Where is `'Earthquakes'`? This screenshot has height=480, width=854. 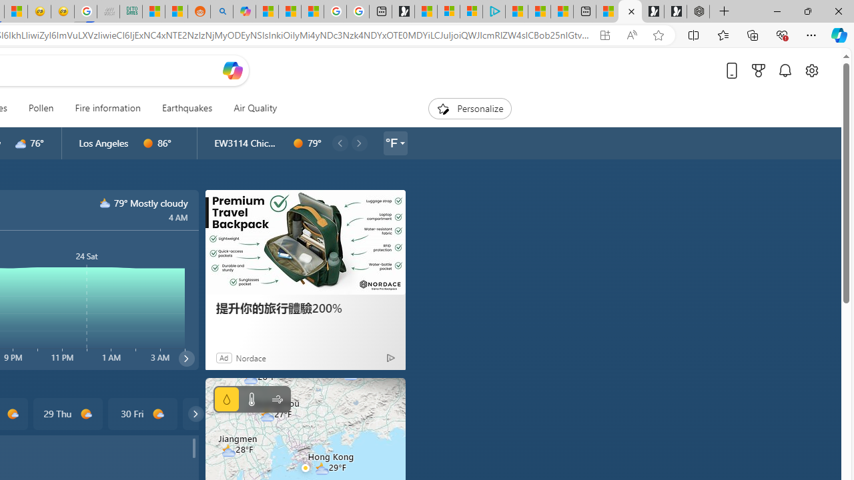 'Earthquakes' is located at coordinates (186, 108).